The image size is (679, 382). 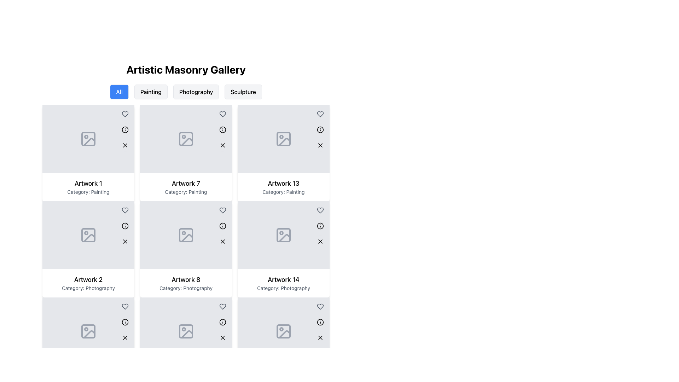 What do you see at coordinates (320, 306) in the screenshot?
I see `the heart-shaped favorite icon with a gray outline located in the upper-right corner of the card labeled 'Artwork 14, Category: Photography'` at bounding box center [320, 306].